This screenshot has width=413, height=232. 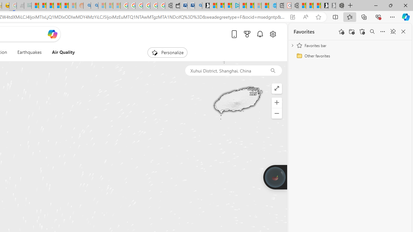 What do you see at coordinates (403, 32) in the screenshot?
I see `'Close favorites'` at bounding box center [403, 32].